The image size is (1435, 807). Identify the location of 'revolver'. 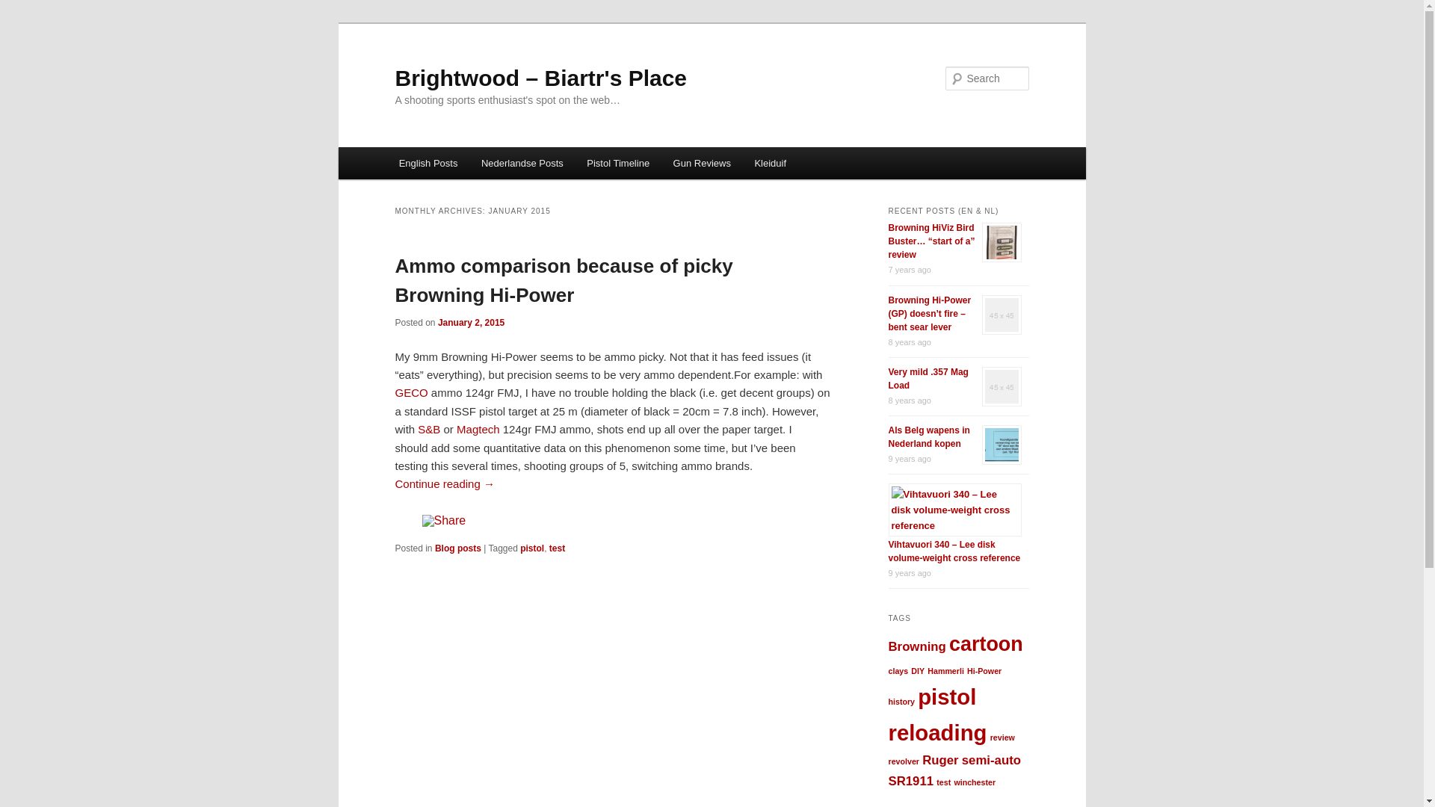
(888, 761).